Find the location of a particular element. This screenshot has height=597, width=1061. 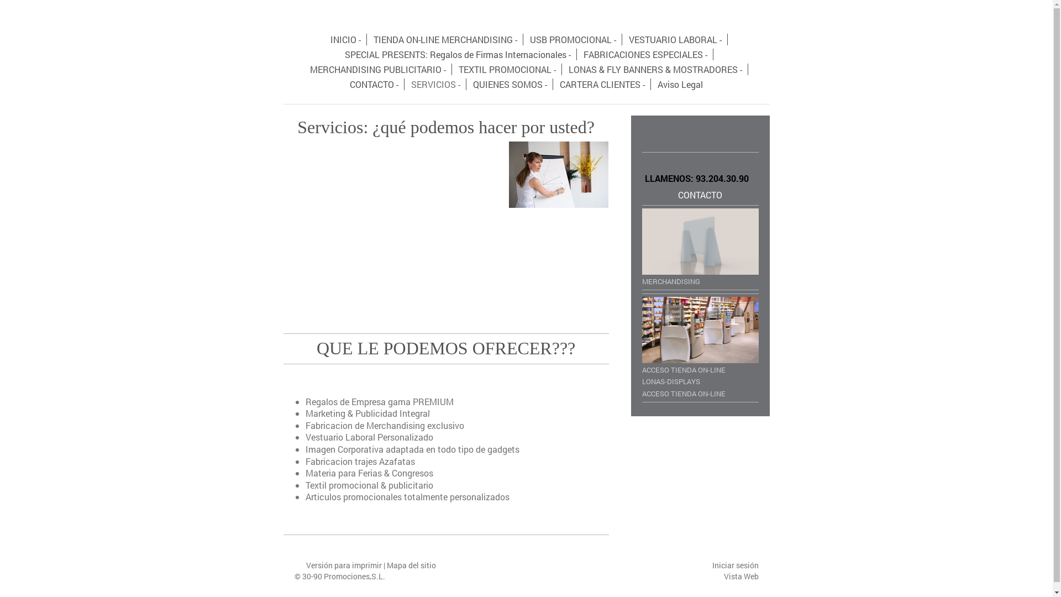

'CARTERA CLIENTES -' is located at coordinates (602, 83).